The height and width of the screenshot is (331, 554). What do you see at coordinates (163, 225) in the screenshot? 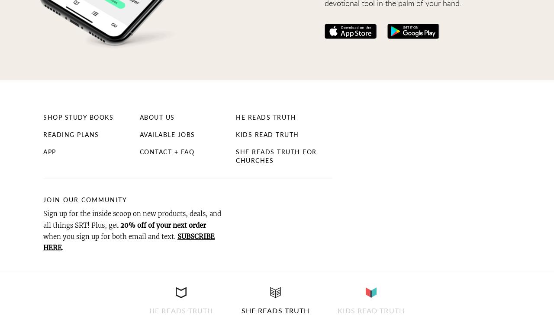
I see `'20% off of your next order'` at bounding box center [163, 225].